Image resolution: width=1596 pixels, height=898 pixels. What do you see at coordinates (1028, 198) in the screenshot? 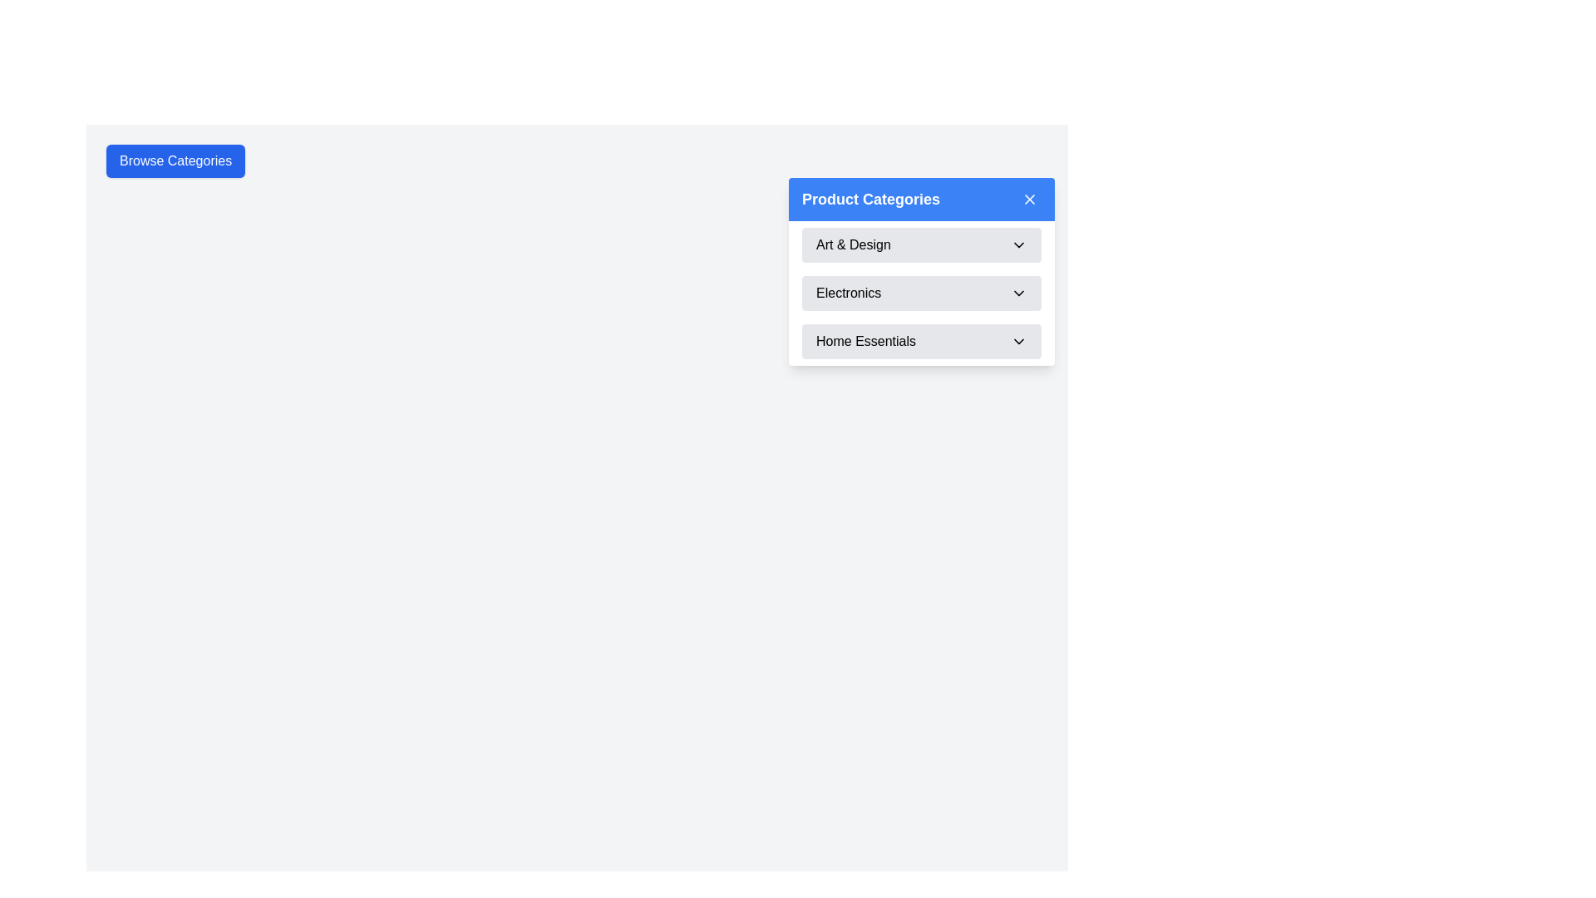
I see `the 'X' icon in the upper right corner of the blue 'Product Categories' toolbar` at bounding box center [1028, 198].